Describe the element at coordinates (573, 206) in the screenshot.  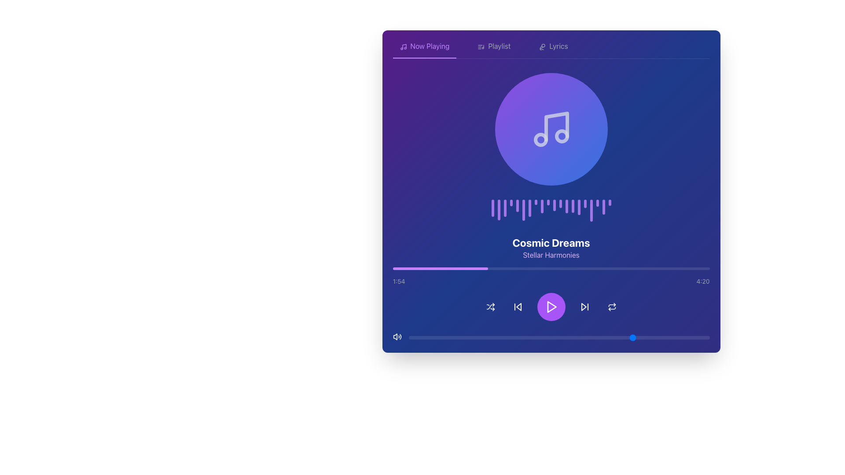
I see `the 14th vertical purple Decorative bar element in the sequence of 20, which has a capsule-like appearance and is positioned between the 13th and 15th bars` at that location.